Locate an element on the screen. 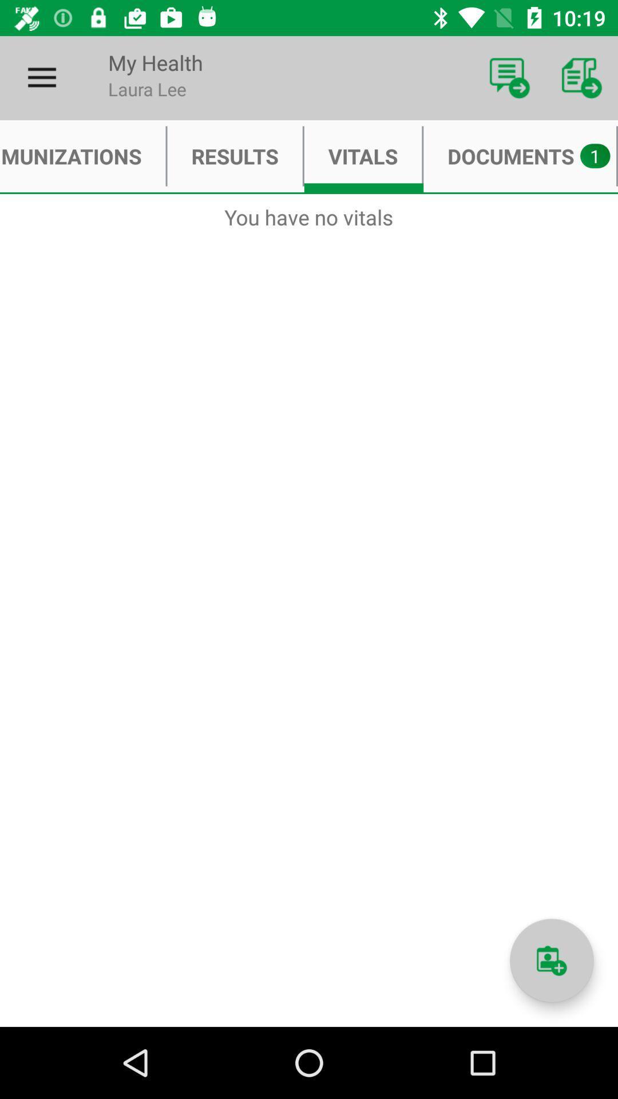  the icon at the bottom right corner is located at coordinates (551, 960).